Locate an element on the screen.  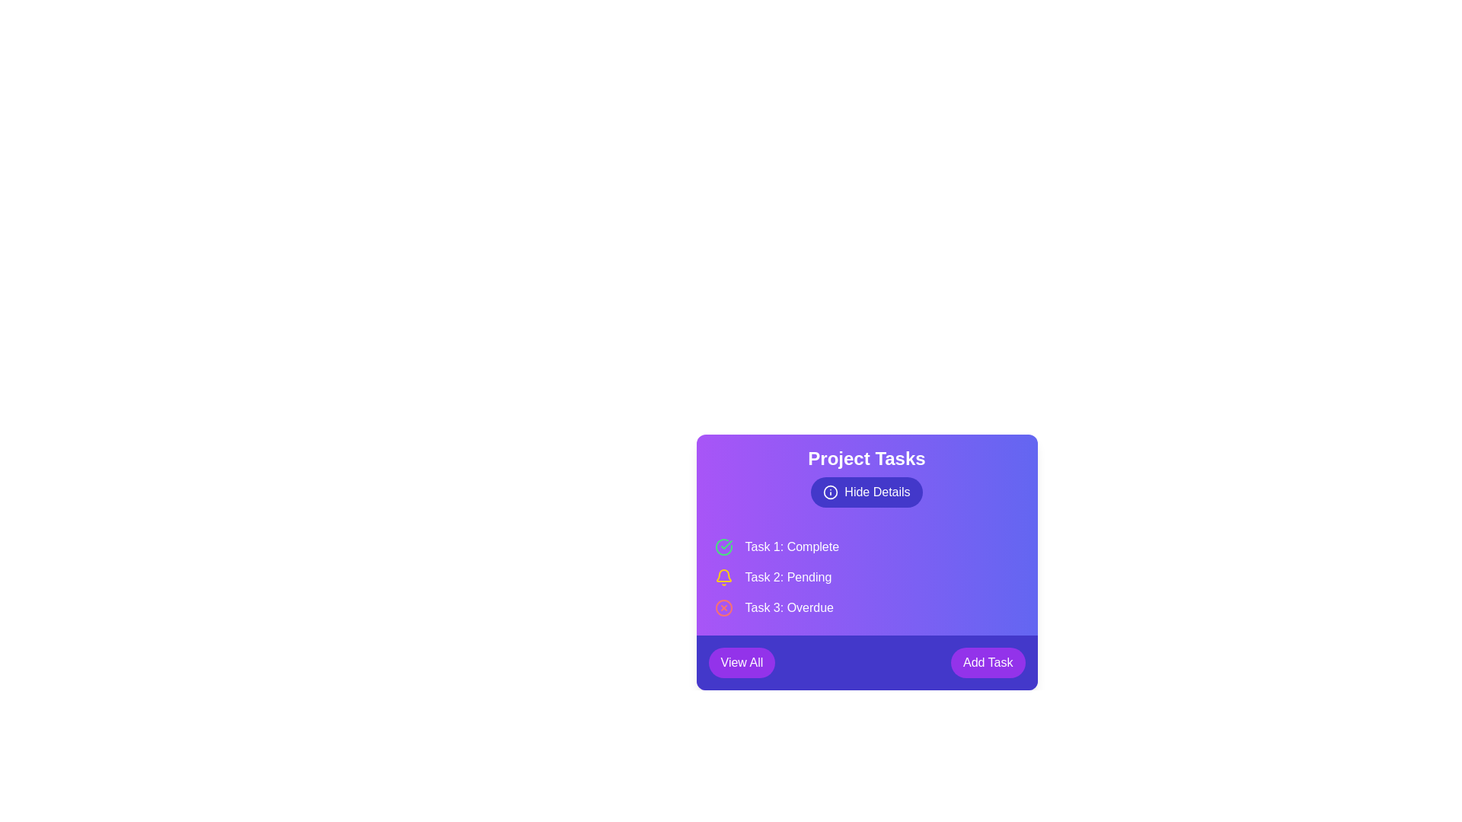
the 'Hide Details' button in the Composite UI element that introduces the task list is located at coordinates (867, 476).